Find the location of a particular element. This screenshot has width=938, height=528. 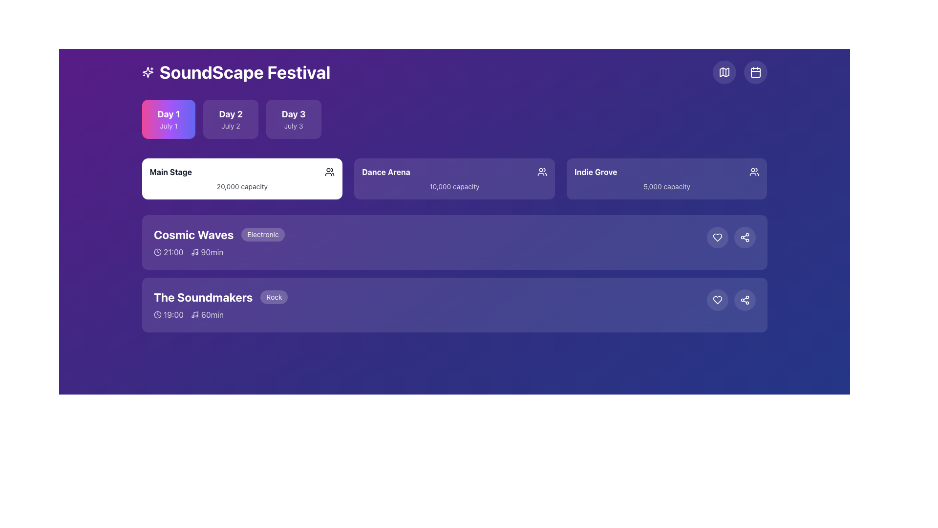

the visual details of the clock icon, which is a minimalistic circular design with a clock hand, located to the left of the text '21:00' in the performance information block aligned with 'Cosmic Waves' is located at coordinates (157, 252).